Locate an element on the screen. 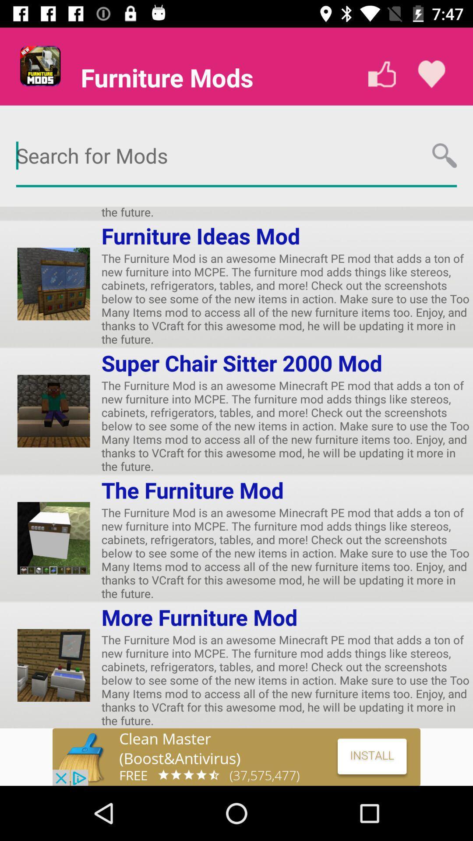  the favorite icon is located at coordinates (431, 74).